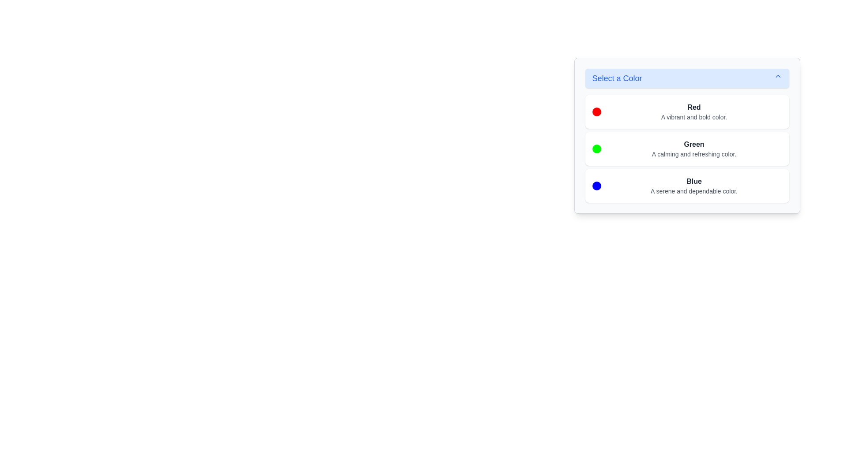 This screenshot has height=476, width=847. Describe the element at coordinates (693, 149) in the screenshot. I see `the text block titled 'Green' which contains the description 'A calming and refreshing color.' located in the second card of the color selection options` at that location.